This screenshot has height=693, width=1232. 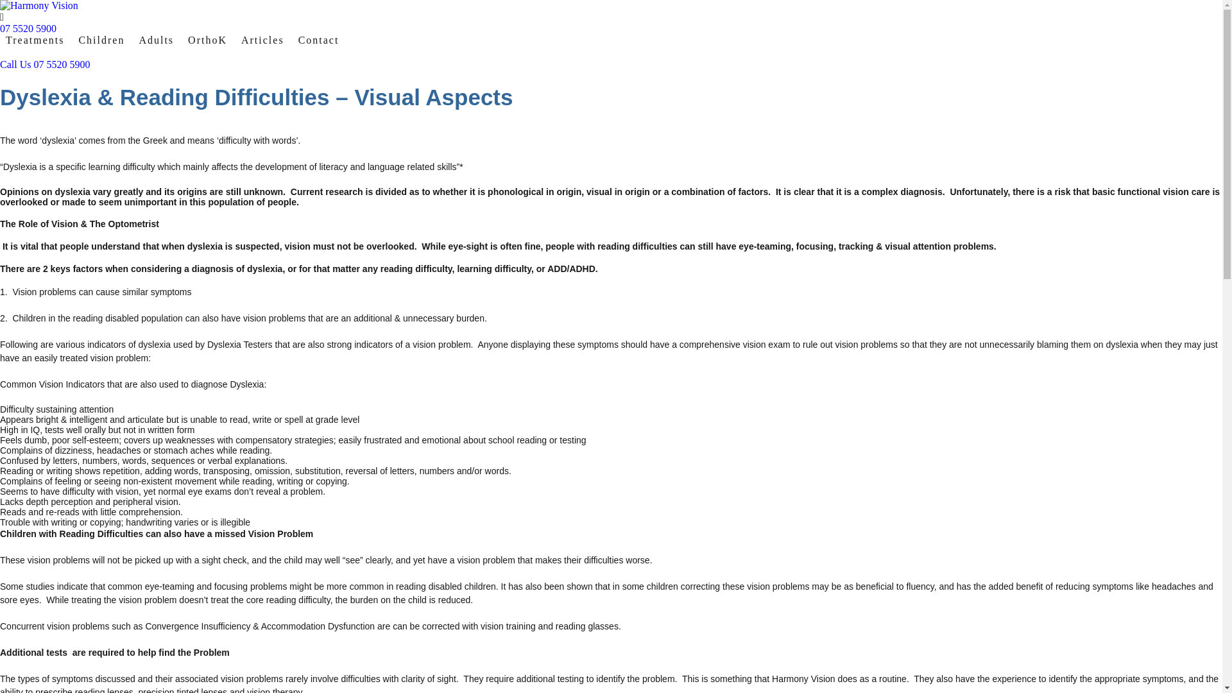 I want to click on 'Treatments', so click(x=6, y=39).